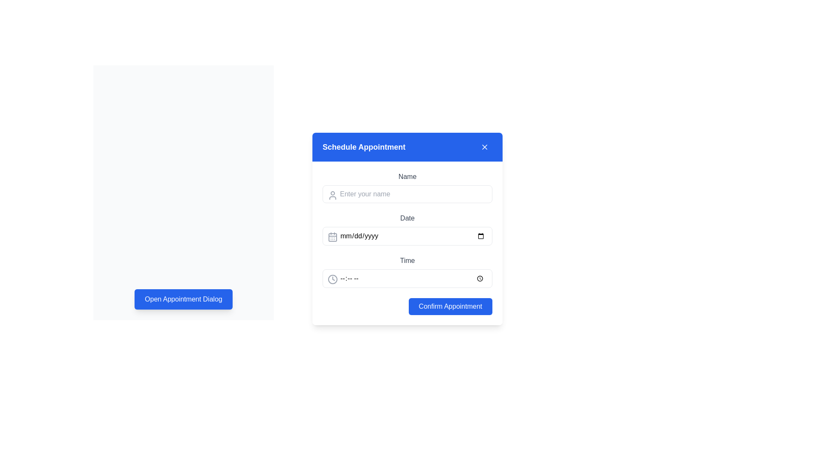 This screenshot has height=458, width=815. Describe the element at coordinates (407, 236) in the screenshot. I see `the date input field in the 'Schedule Appointment' dialog by using the tab key` at that location.